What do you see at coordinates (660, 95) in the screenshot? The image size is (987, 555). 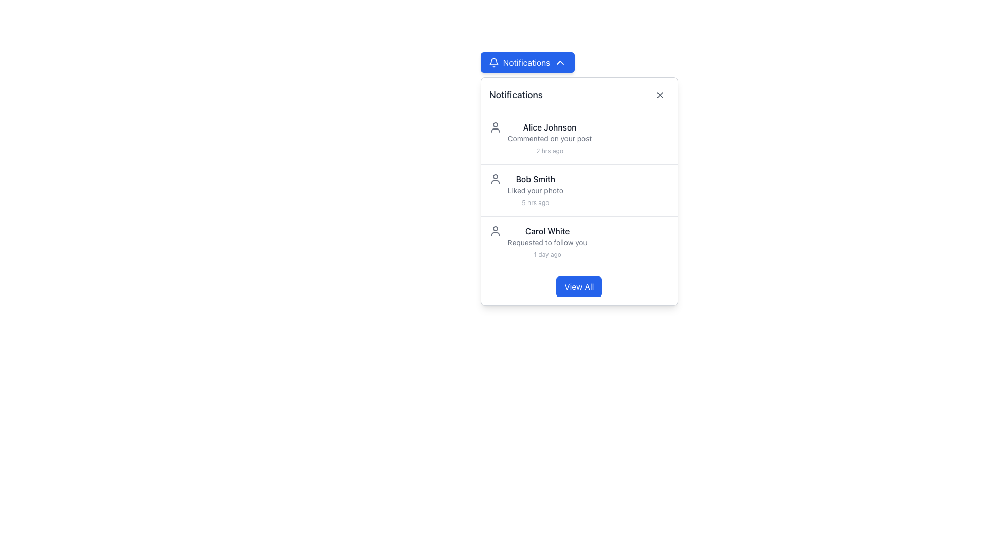 I see `the close button located at the top-right corner of the notification dropdown header to change its background color` at bounding box center [660, 95].